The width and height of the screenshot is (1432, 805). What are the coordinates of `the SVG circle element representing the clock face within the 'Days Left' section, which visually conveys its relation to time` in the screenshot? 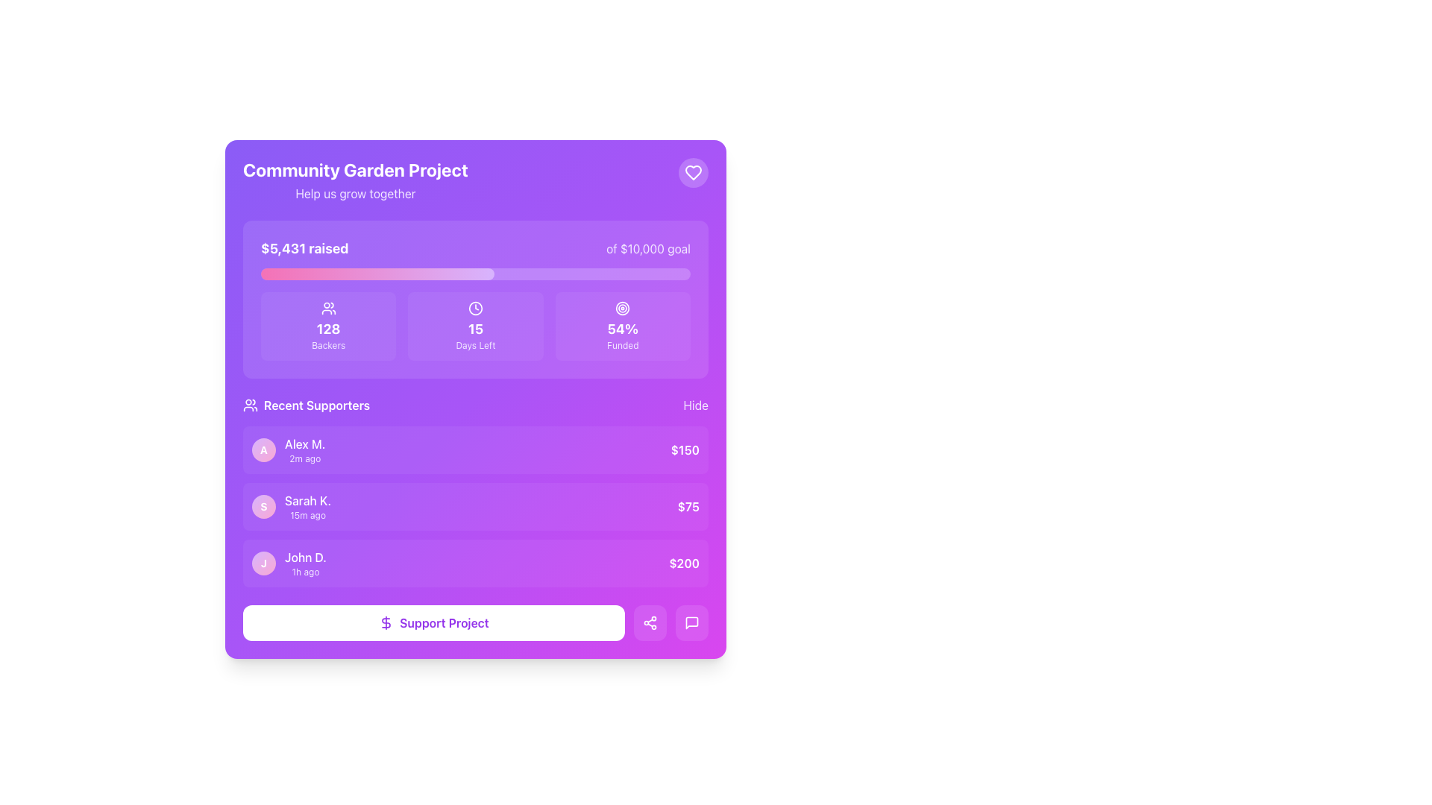 It's located at (475, 307).